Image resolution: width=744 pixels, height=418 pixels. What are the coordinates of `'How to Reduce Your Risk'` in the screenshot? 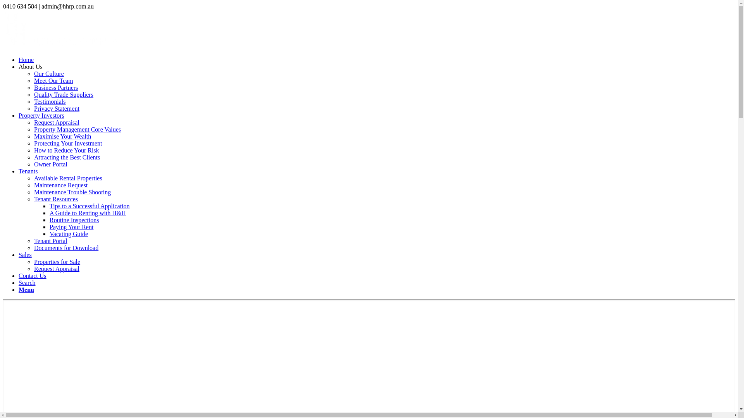 It's located at (33, 150).